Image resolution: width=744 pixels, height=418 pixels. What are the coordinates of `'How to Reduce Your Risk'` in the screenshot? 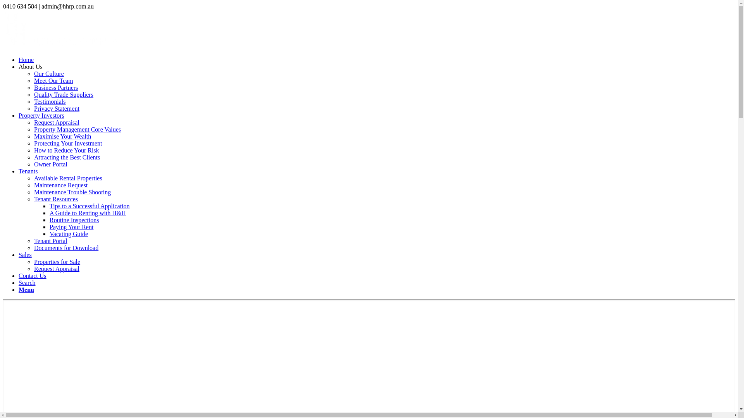 It's located at (33, 150).